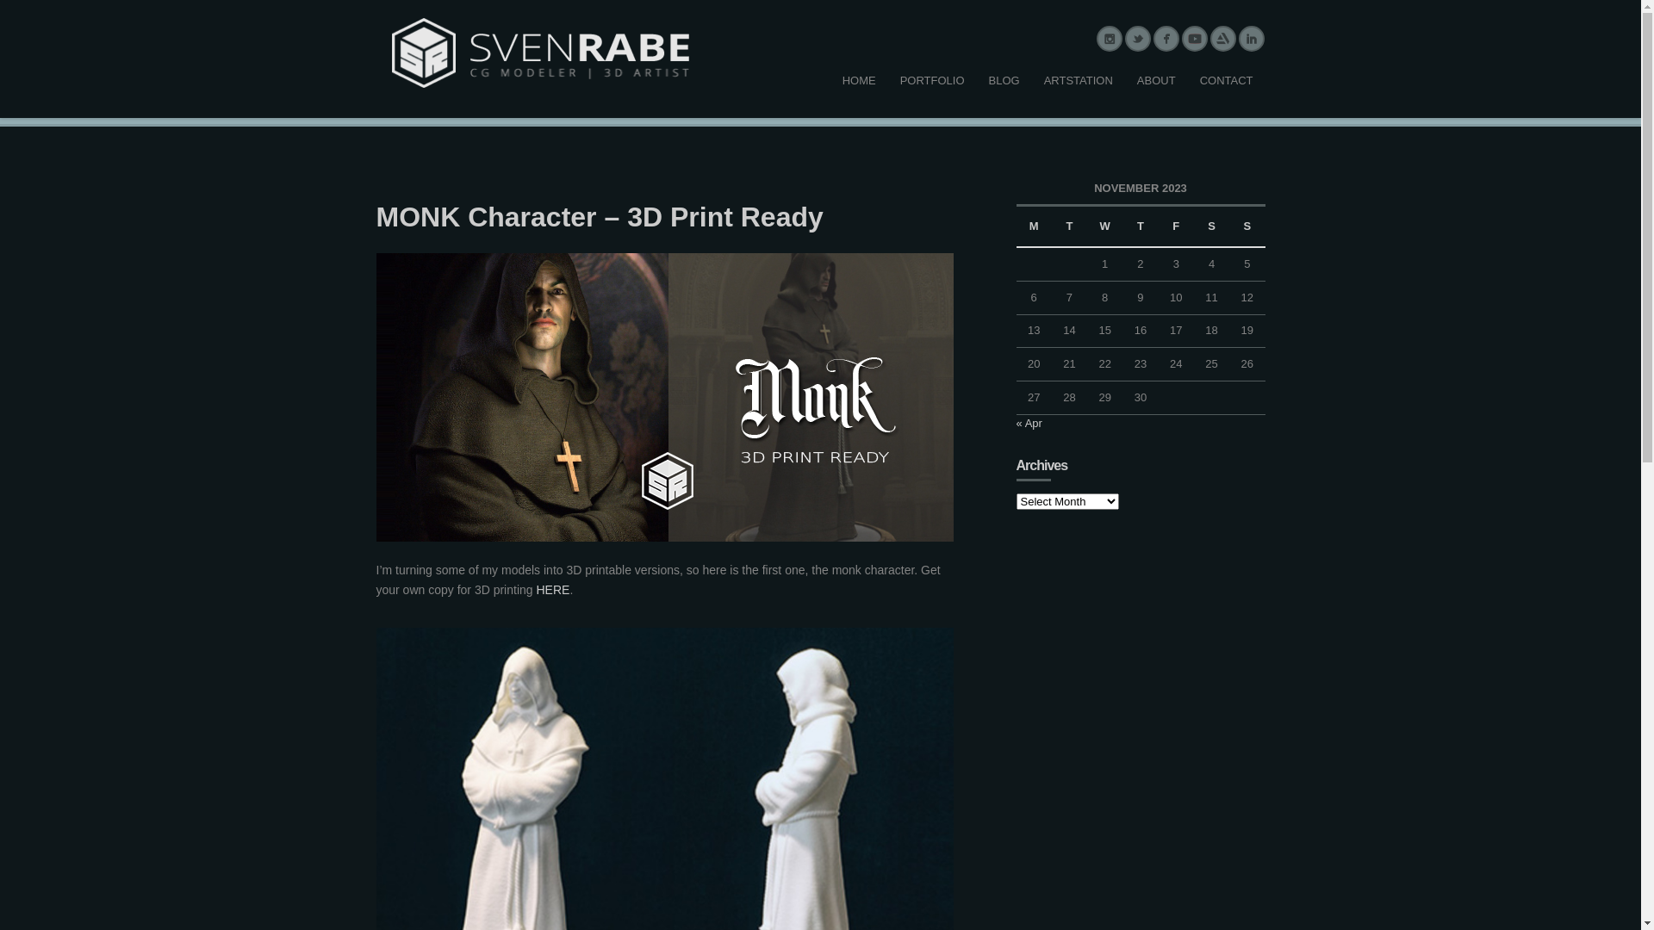 Image resolution: width=1654 pixels, height=930 pixels. Describe the element at coordinates (859, 81) in the screenshot. I see `'HOME'` at that location.